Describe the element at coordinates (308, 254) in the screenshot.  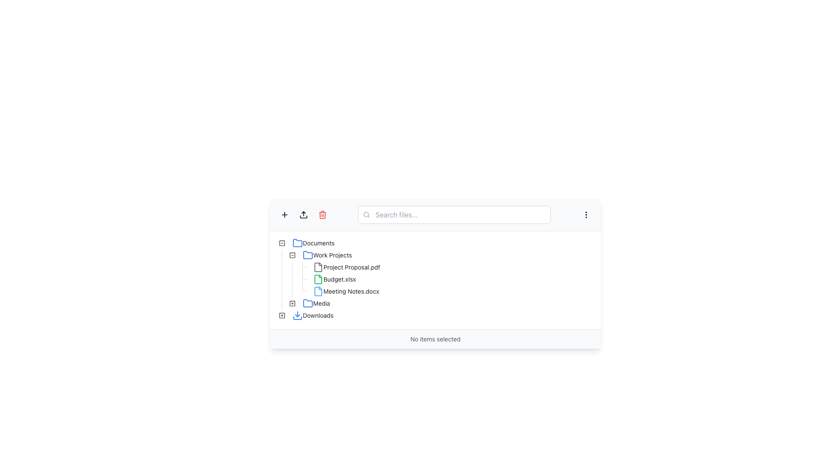
I see `the blue folder icon located under the 'Work Projects' directory` at that location.